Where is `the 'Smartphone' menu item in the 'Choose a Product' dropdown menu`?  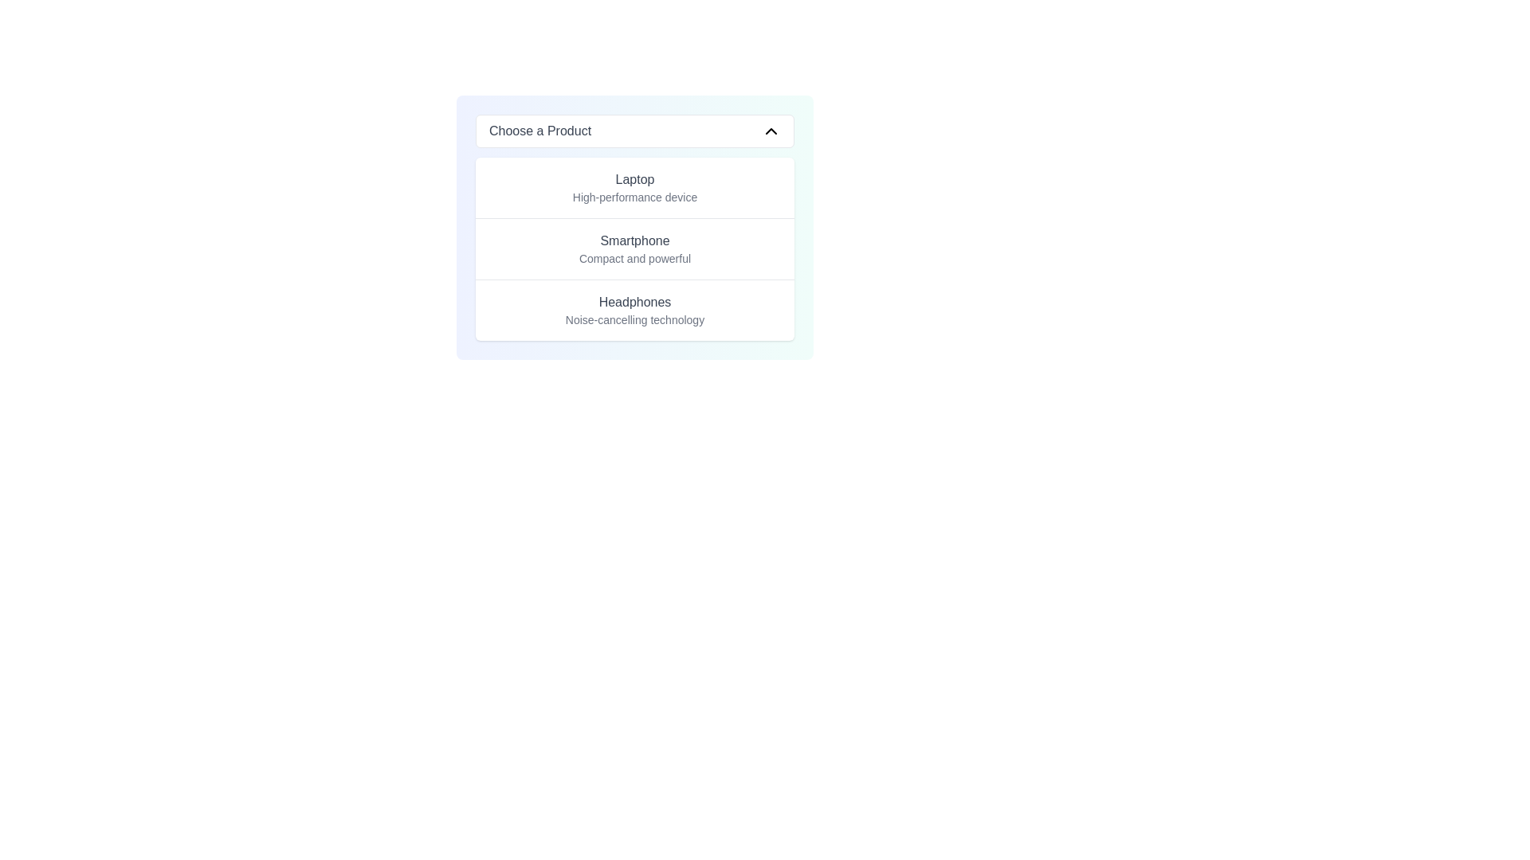 the 'Smartphone' menu item in the 'Choose a Product' dropdown menu is located at coordinates (634, 248).